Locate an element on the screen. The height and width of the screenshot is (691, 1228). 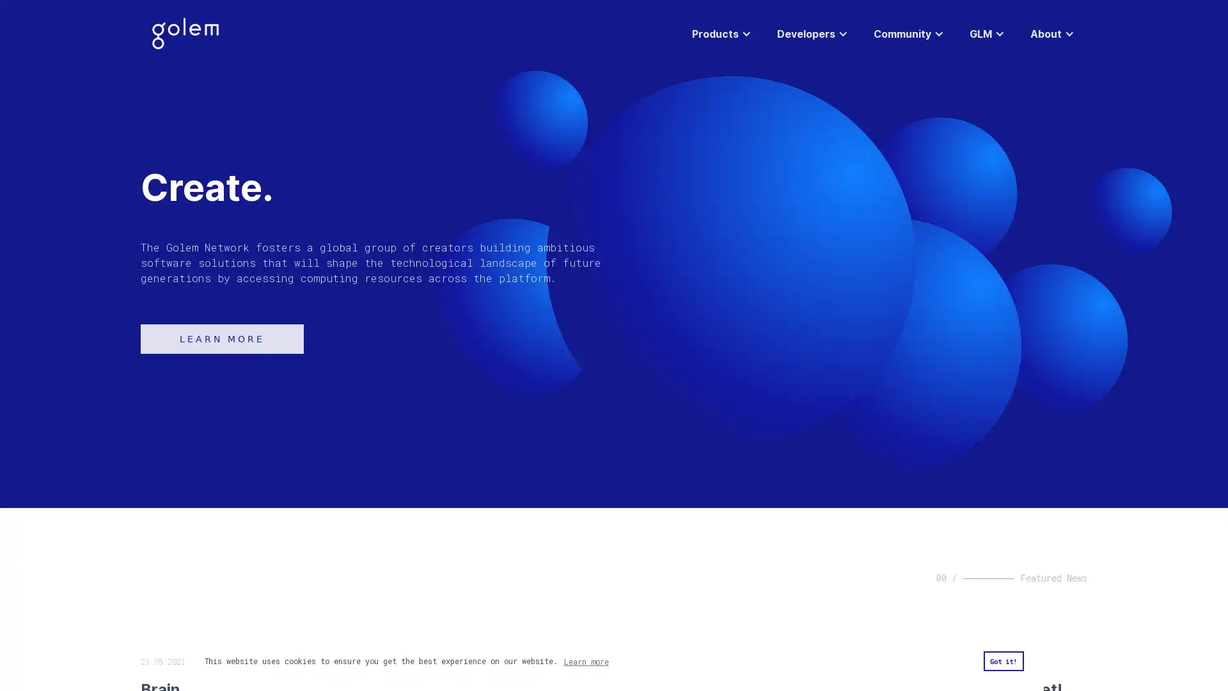
dismiss cookie message is located at coordinates (1002, 661).